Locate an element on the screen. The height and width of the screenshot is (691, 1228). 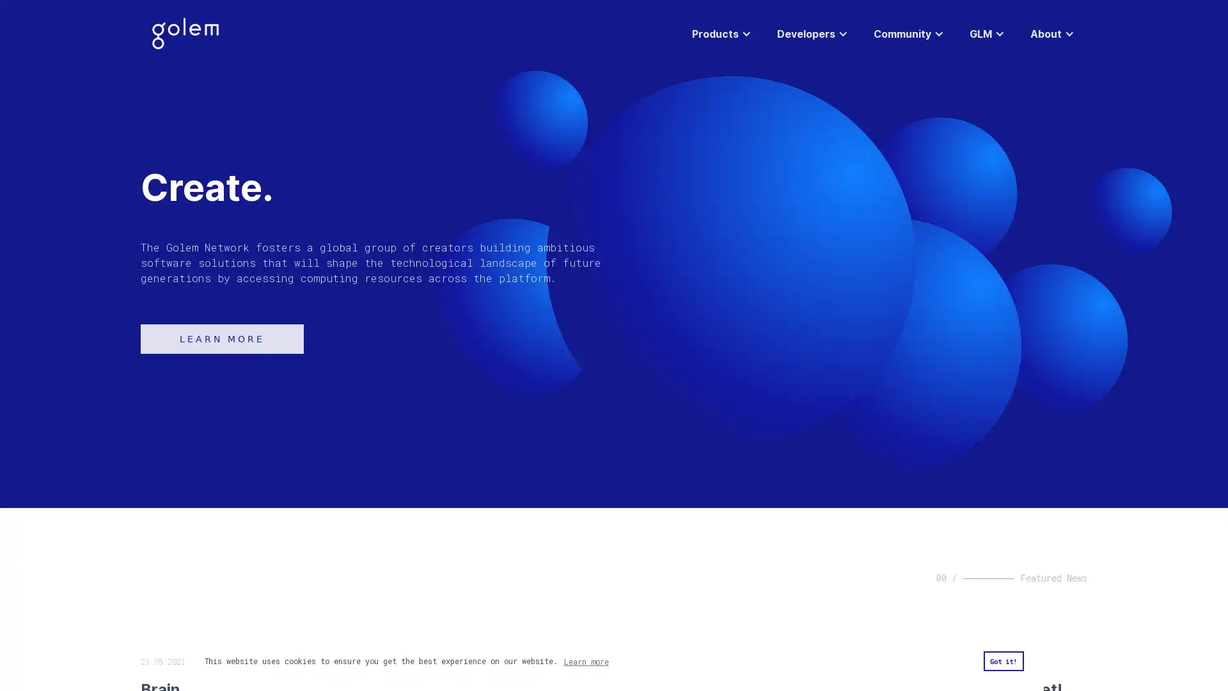
dismiss cookie message is located at coordinates (1002, 661).